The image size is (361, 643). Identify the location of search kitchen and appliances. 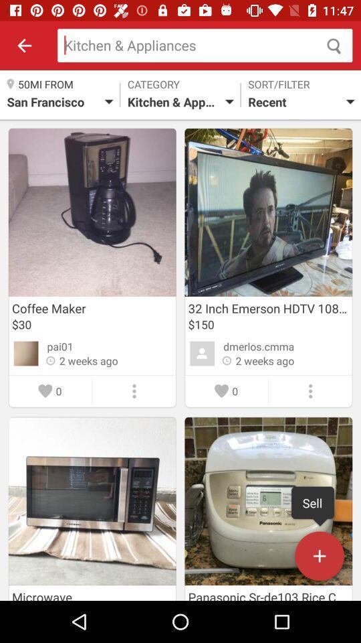
(205, 46).